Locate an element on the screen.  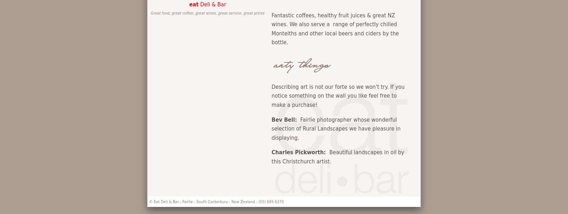
'Fantastic coffees, healthy fruit juices & great NZ wines. We also serve a  range of perfectly chilled Monteiths and other local beers and ciders by the bottle.' is located at coordinates (335, 29).